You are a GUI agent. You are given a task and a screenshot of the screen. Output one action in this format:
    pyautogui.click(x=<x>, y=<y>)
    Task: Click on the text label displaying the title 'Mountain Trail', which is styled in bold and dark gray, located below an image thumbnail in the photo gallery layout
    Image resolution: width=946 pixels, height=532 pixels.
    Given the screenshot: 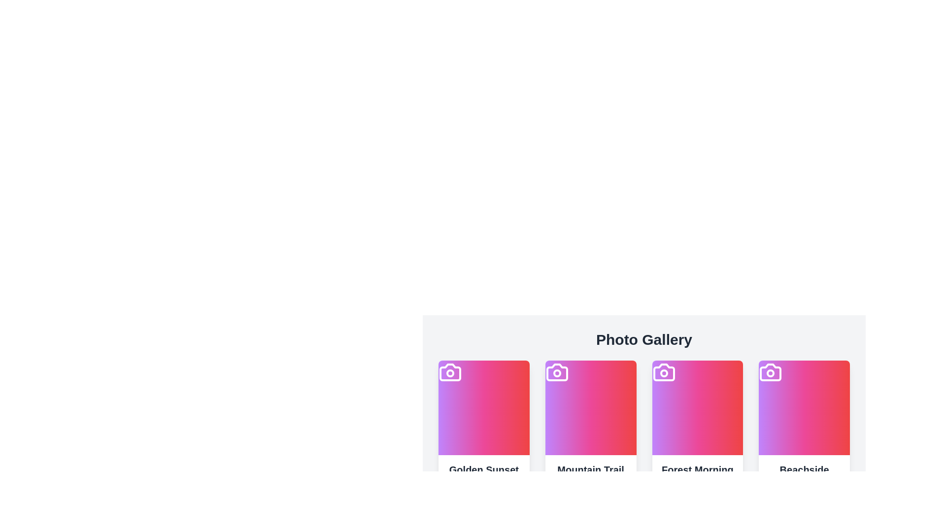 What is the action you would take?
    pyautogui.click(x=591, y=469)
    